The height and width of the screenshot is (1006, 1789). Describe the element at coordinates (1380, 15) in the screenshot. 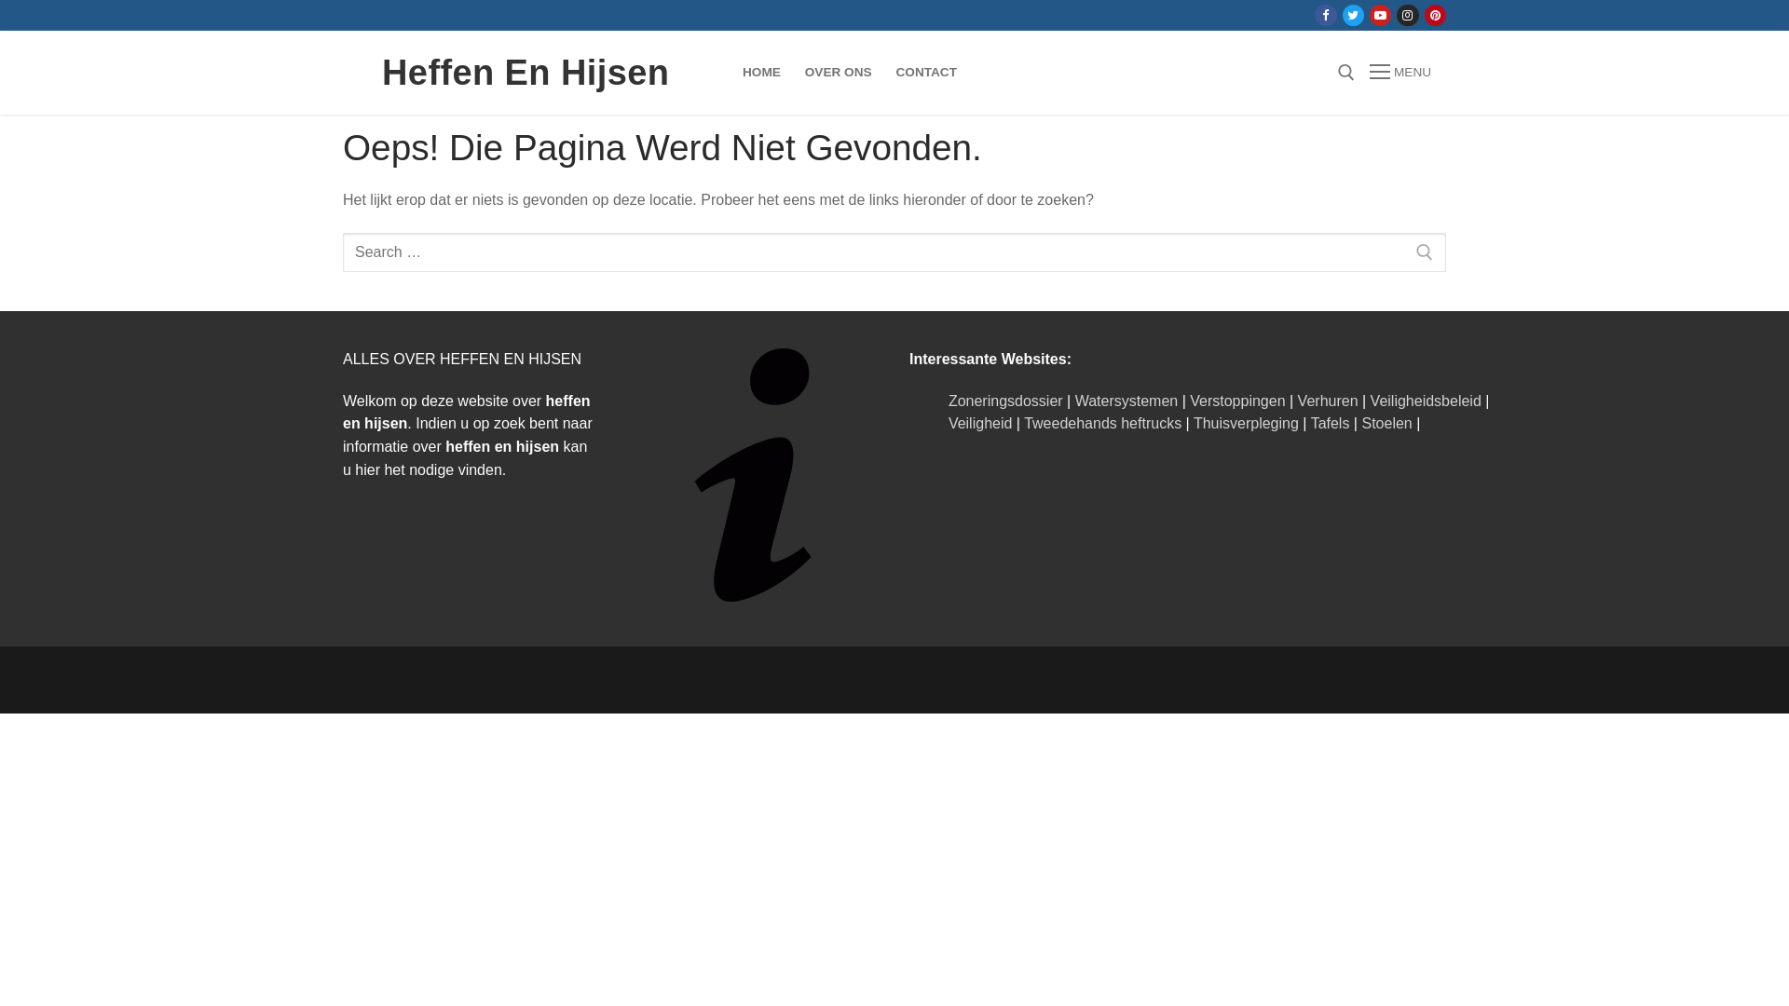

I see `'Youtube'` at that location.